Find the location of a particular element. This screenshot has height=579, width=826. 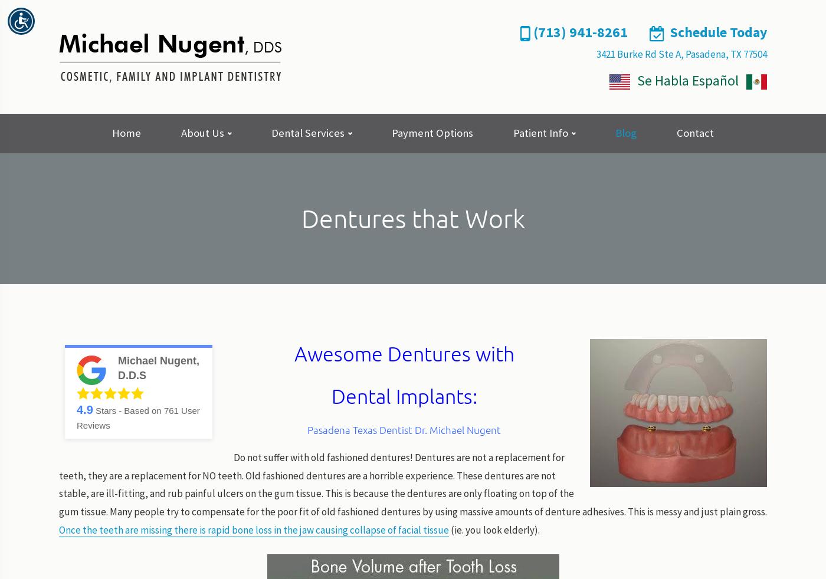

'Pasadena,' is located at coordinates (707, 53).